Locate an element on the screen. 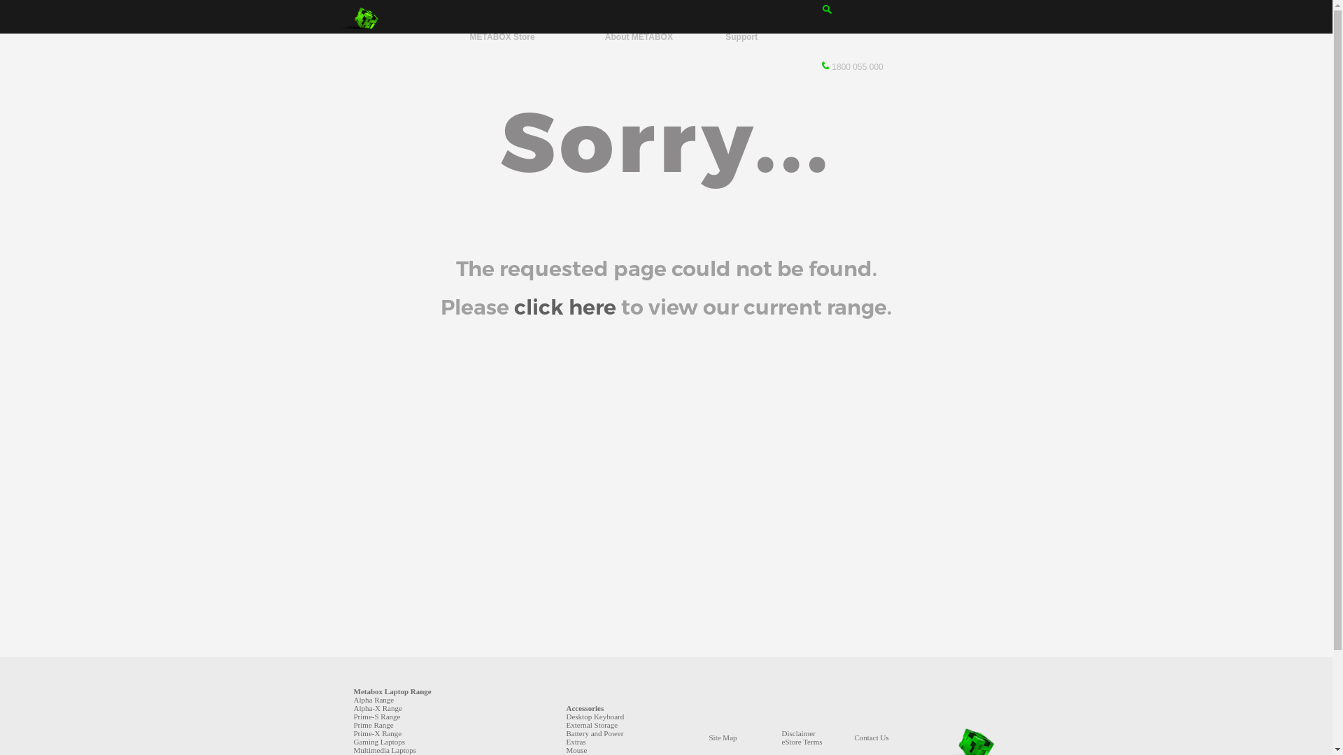 This screenshot has width=1343, height=755. 'Alpha Range' is located at coordinates (353, 700).